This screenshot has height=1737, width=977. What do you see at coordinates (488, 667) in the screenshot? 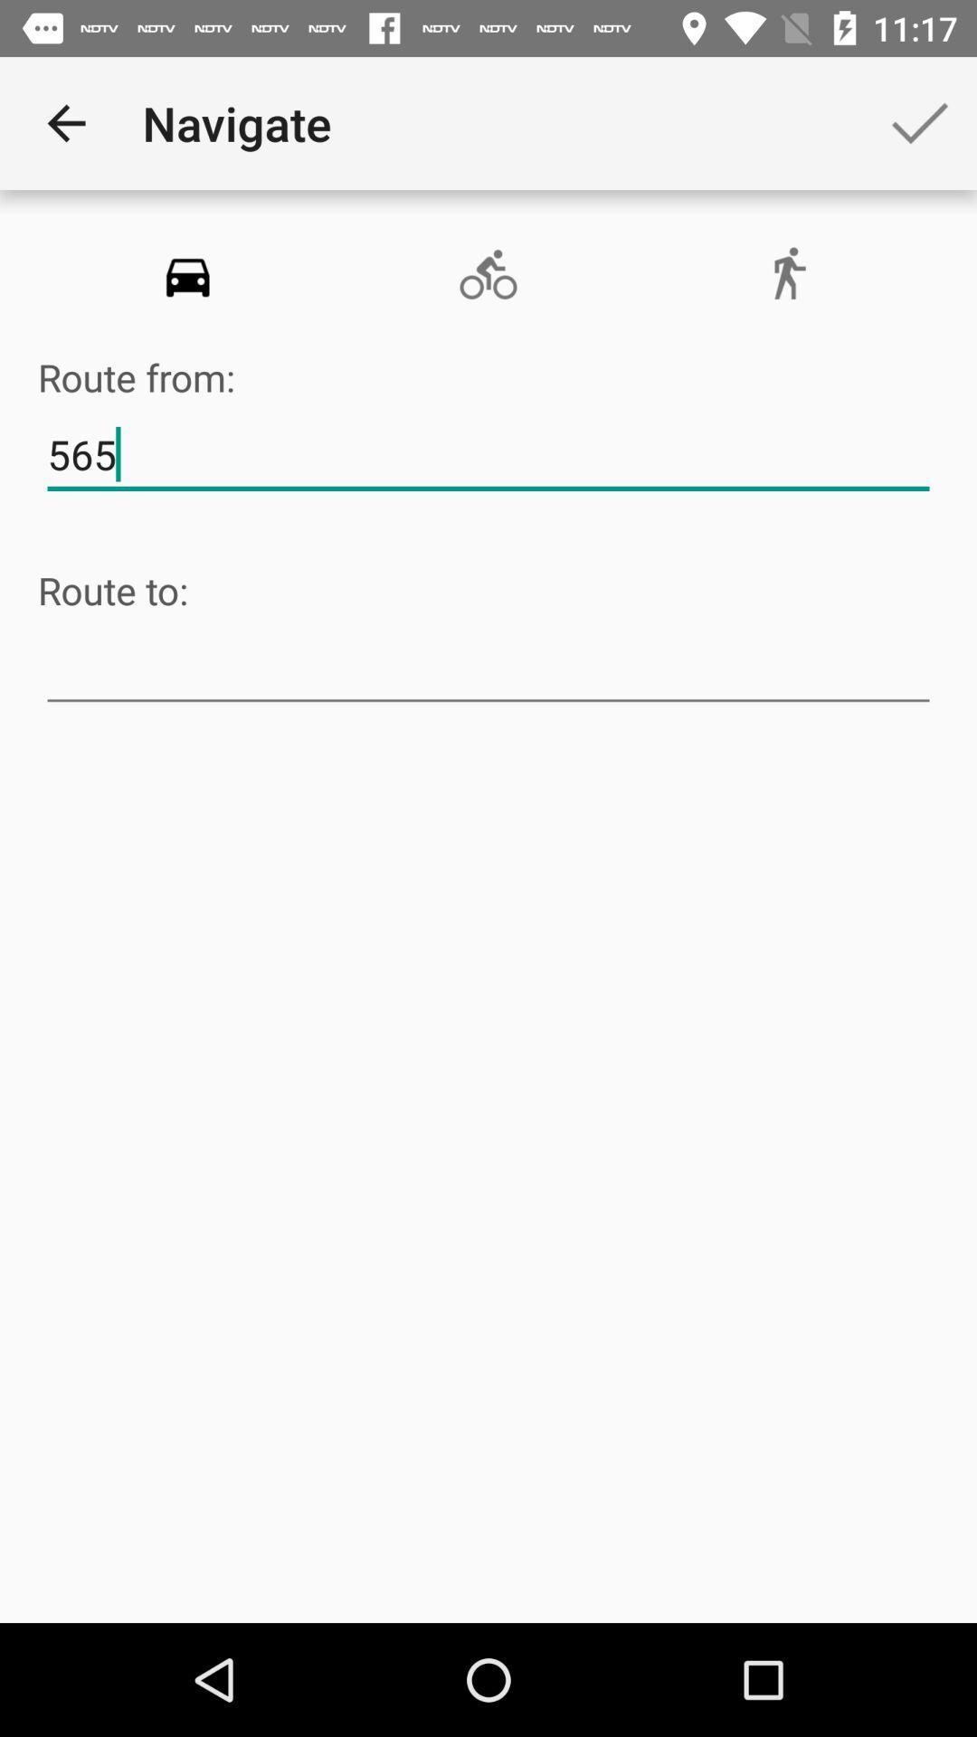
I see `item at the center` at bounding box center [488, 667].